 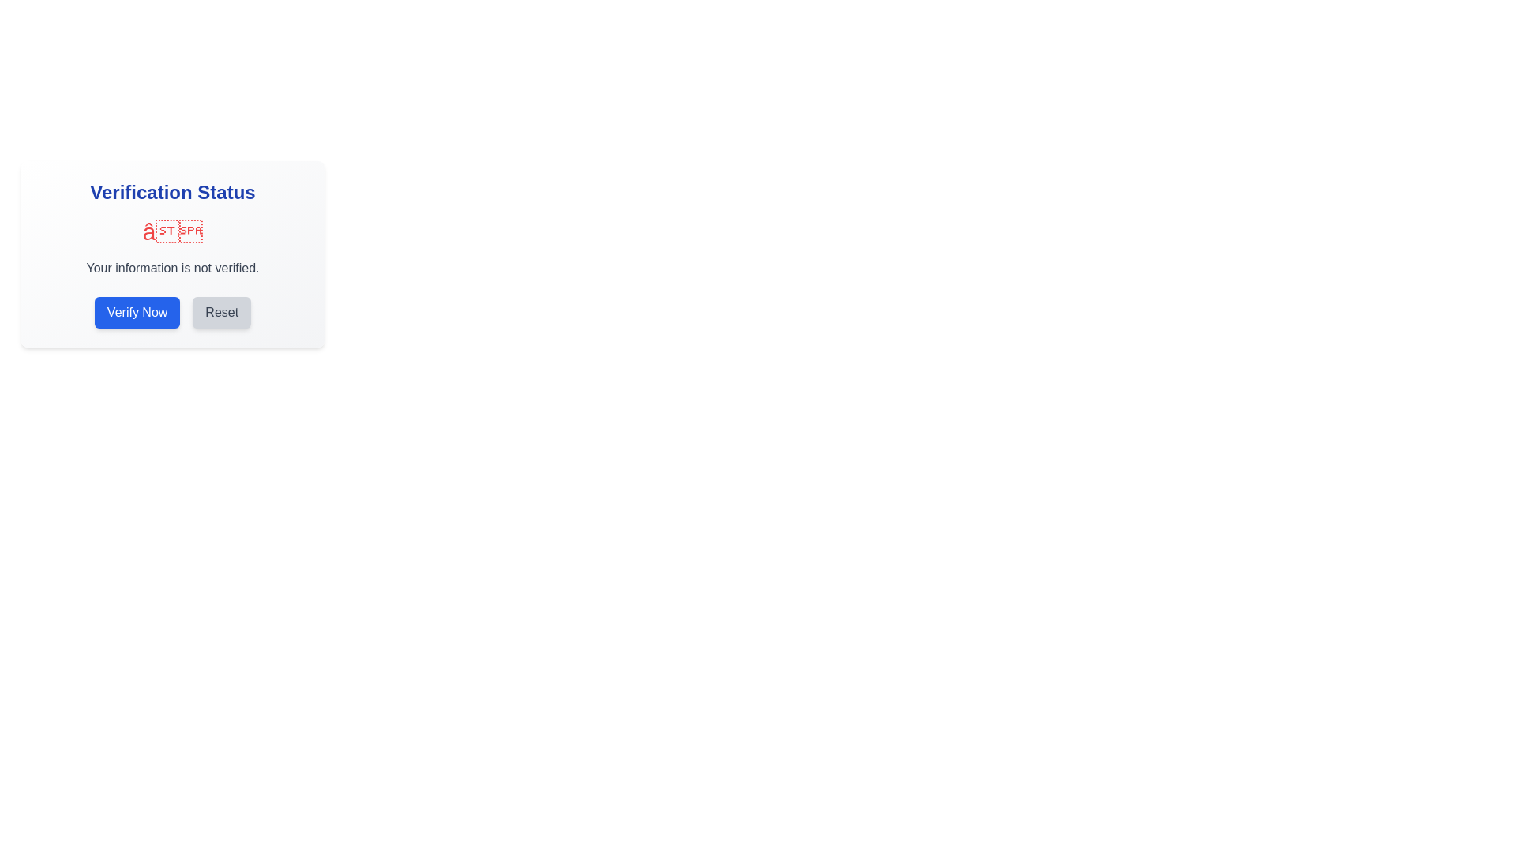 What do you see at coordinates (221, 313) in the screenshot?
I see `the reset button located to the right of the 'Verify Now' button in the bottom section of the interface` at bounding box center [221, 313].